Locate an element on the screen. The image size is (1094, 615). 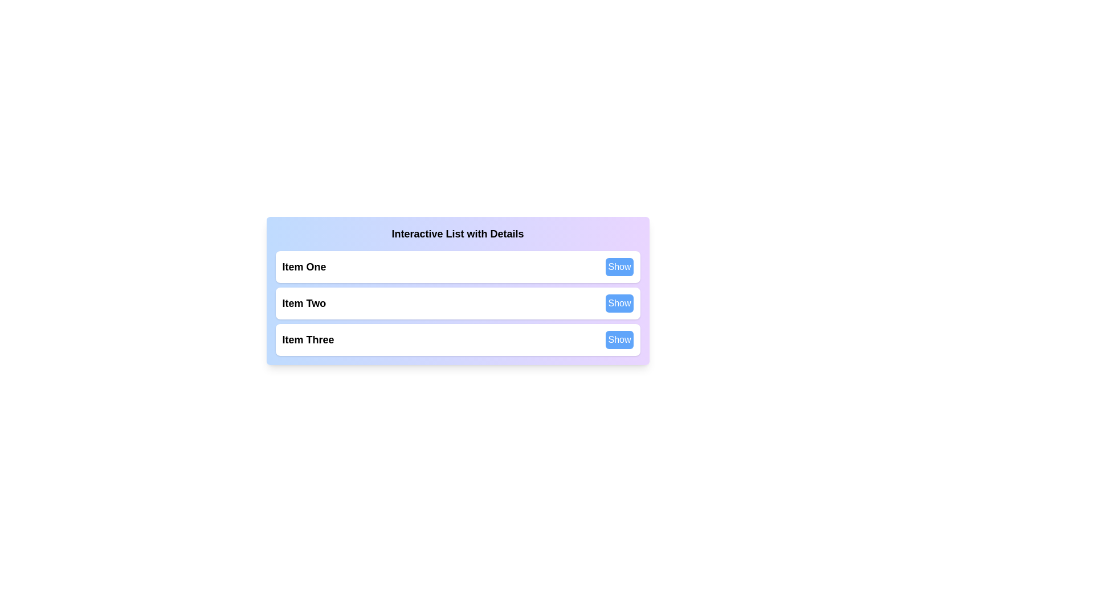
the 'Show' button for the item with title Item Two is located at coordinates (619, 302).